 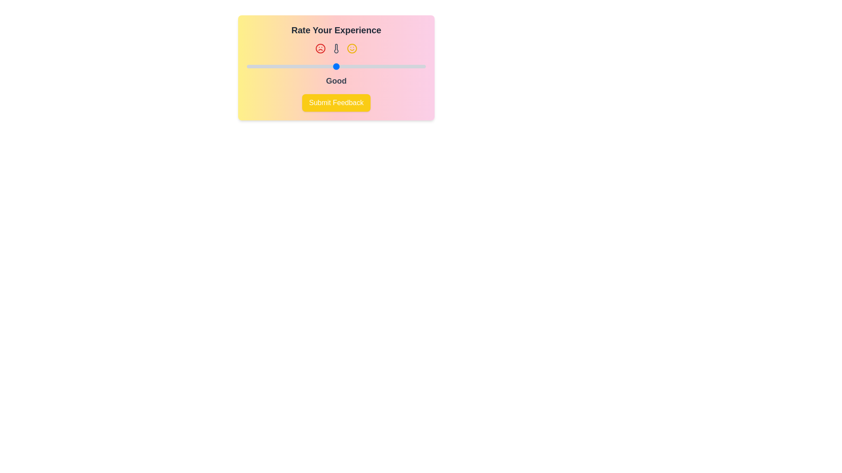 What do you see at coordinates (292, 66) in the screenshot?
I see `the slider to set the rating to 2` at bounding box center [292, 66].